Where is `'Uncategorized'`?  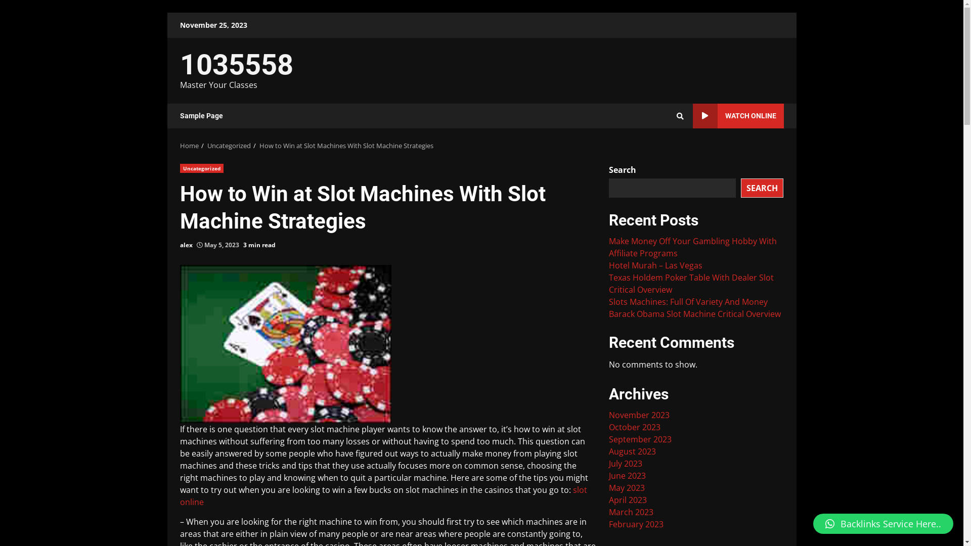
'Uncategorized' is located at coordinates (228, 146).